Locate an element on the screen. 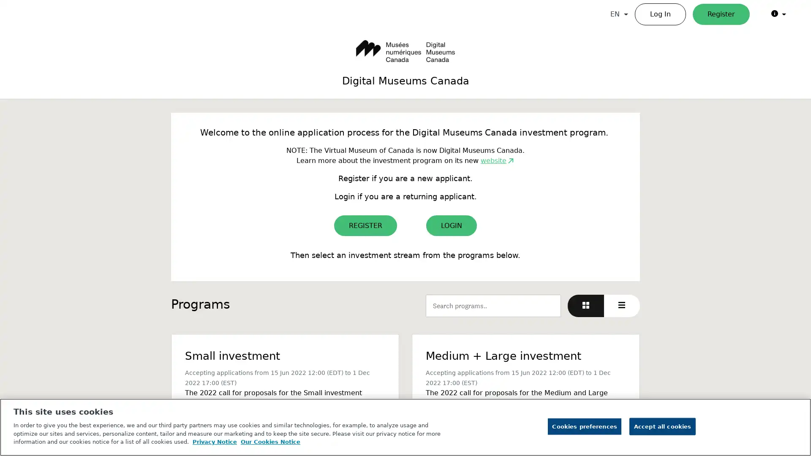  Toggle grid view is located at coordinates (585, 306).